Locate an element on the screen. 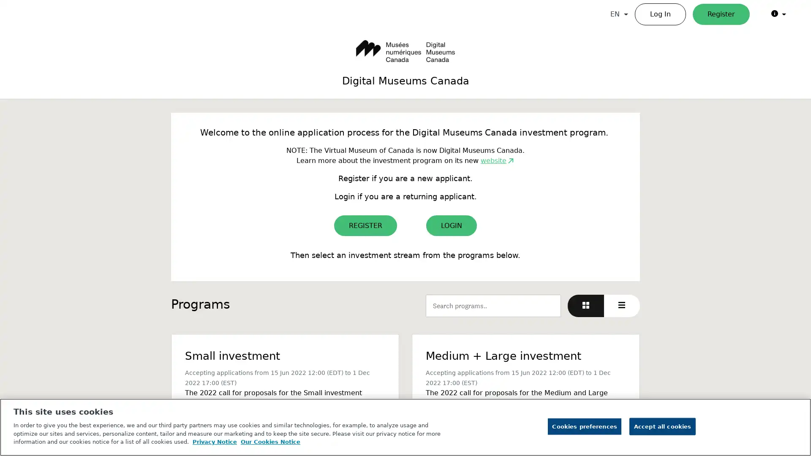  Toggle grid view is located at coordinates (585, 306).